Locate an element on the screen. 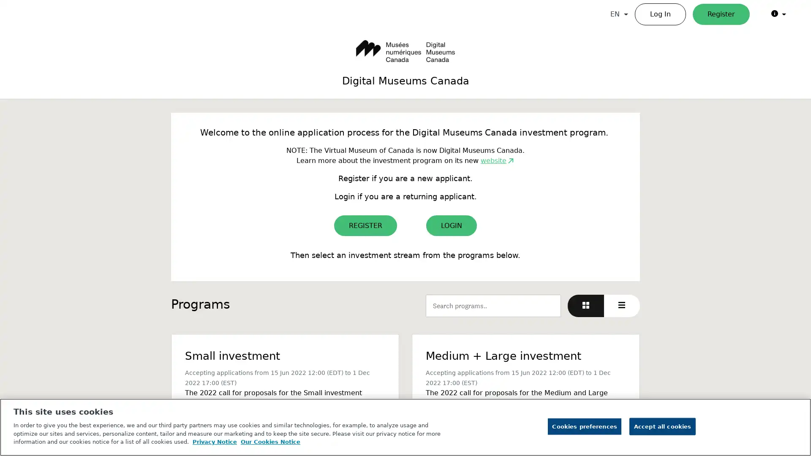  Toggle grid view is located at coordinates (585, 306).